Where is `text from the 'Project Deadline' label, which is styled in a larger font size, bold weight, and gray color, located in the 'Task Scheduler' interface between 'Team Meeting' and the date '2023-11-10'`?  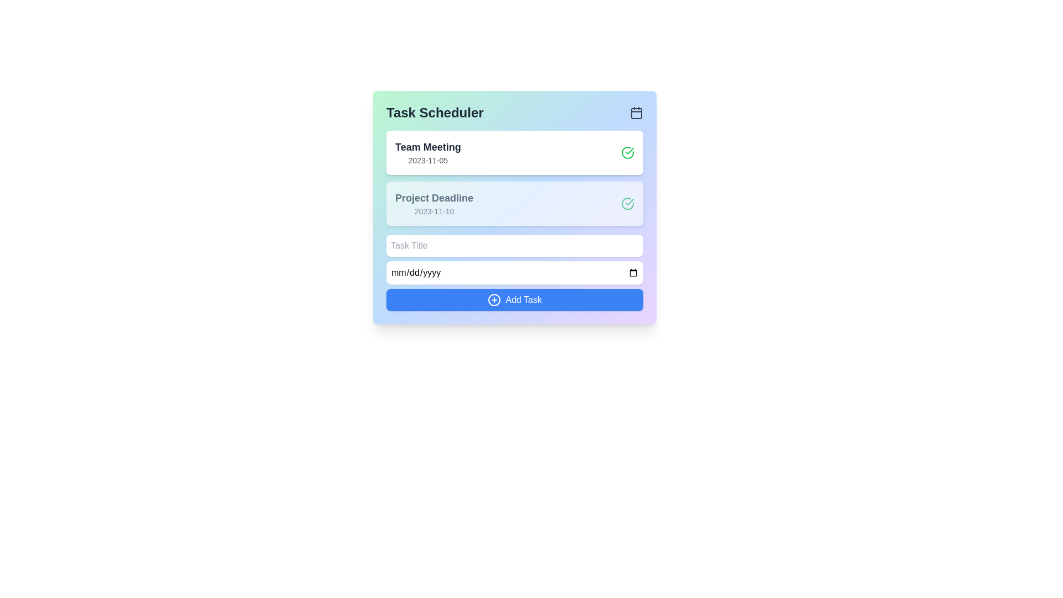 text from the 'Project Deadline' label, which is styled in a larger font size, bold weight, and gray color, located in the 'Task Scheduler' interface between 'Team Meeting' and the date '2023-11-10' is located at coordinates (434, 198).